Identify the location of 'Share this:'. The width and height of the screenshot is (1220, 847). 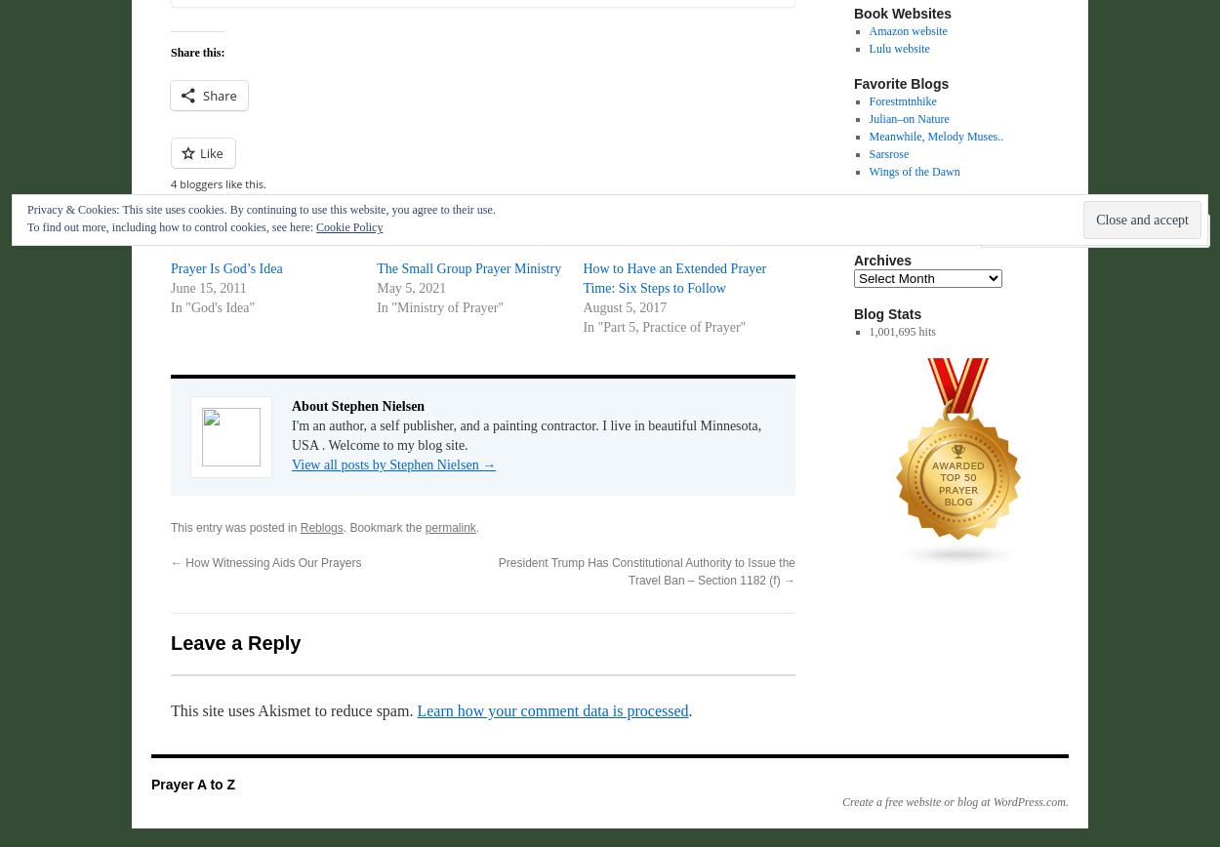
(196, 52).